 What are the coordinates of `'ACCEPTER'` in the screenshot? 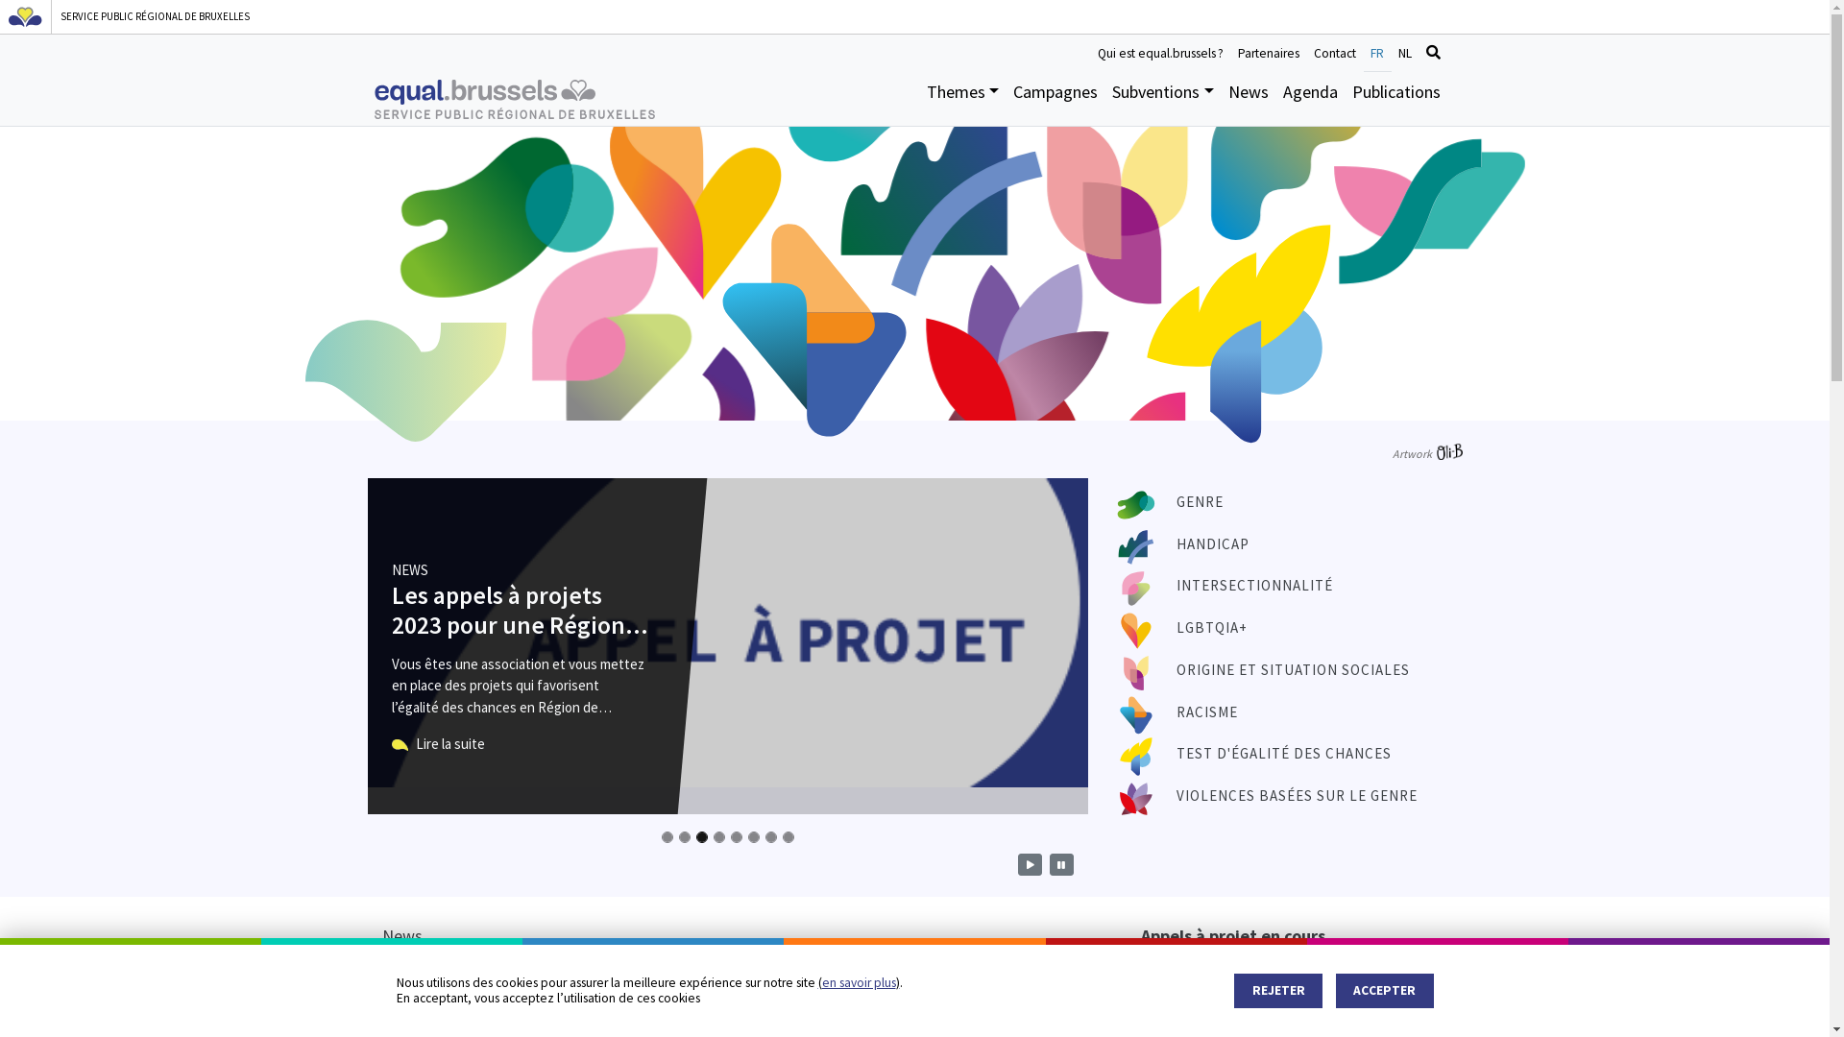 It's located at (1384, 991).